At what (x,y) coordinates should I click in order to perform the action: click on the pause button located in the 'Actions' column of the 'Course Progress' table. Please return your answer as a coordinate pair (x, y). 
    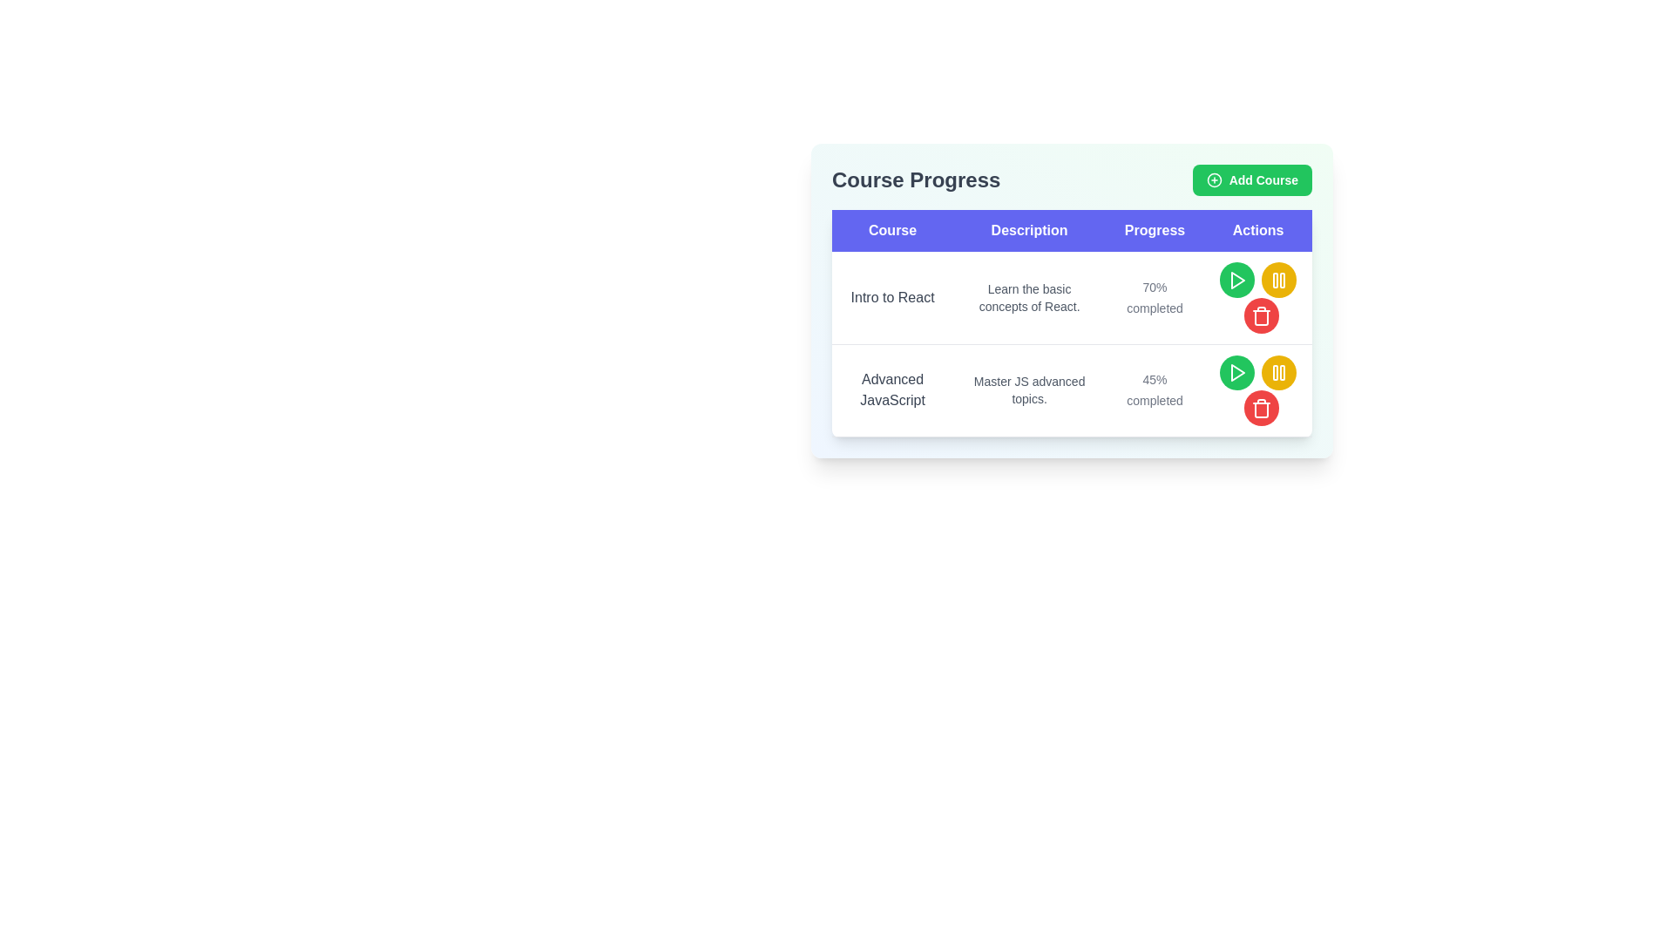
    Looking at the image, I should click on (1279, 371).